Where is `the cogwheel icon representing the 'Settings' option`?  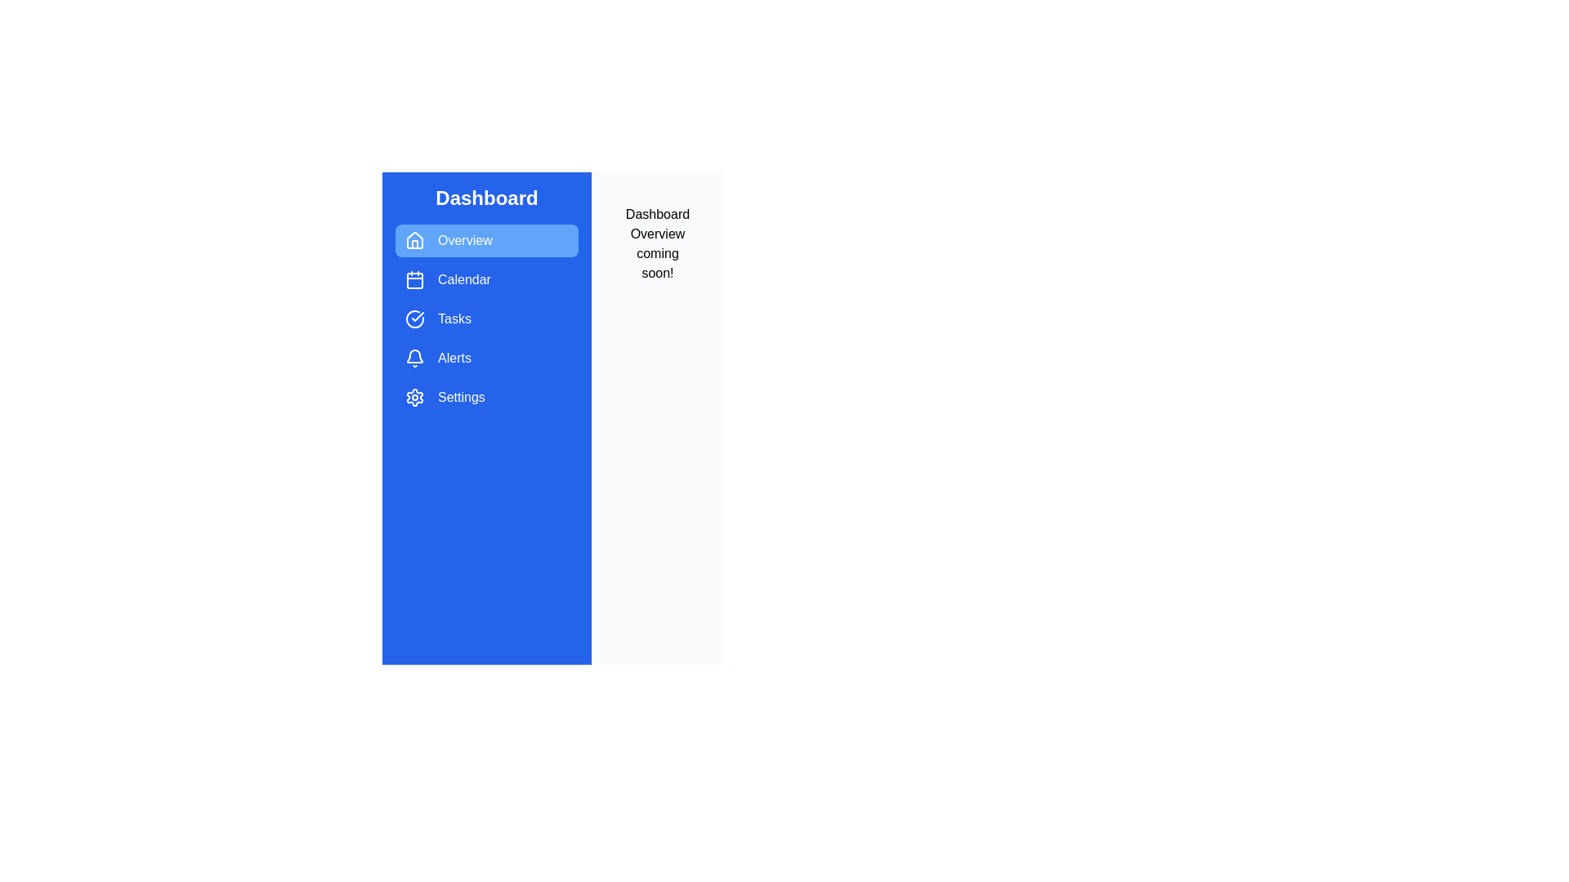
the cogwheel icon representing the 'Settings' option is located at coordinates (415, 397).